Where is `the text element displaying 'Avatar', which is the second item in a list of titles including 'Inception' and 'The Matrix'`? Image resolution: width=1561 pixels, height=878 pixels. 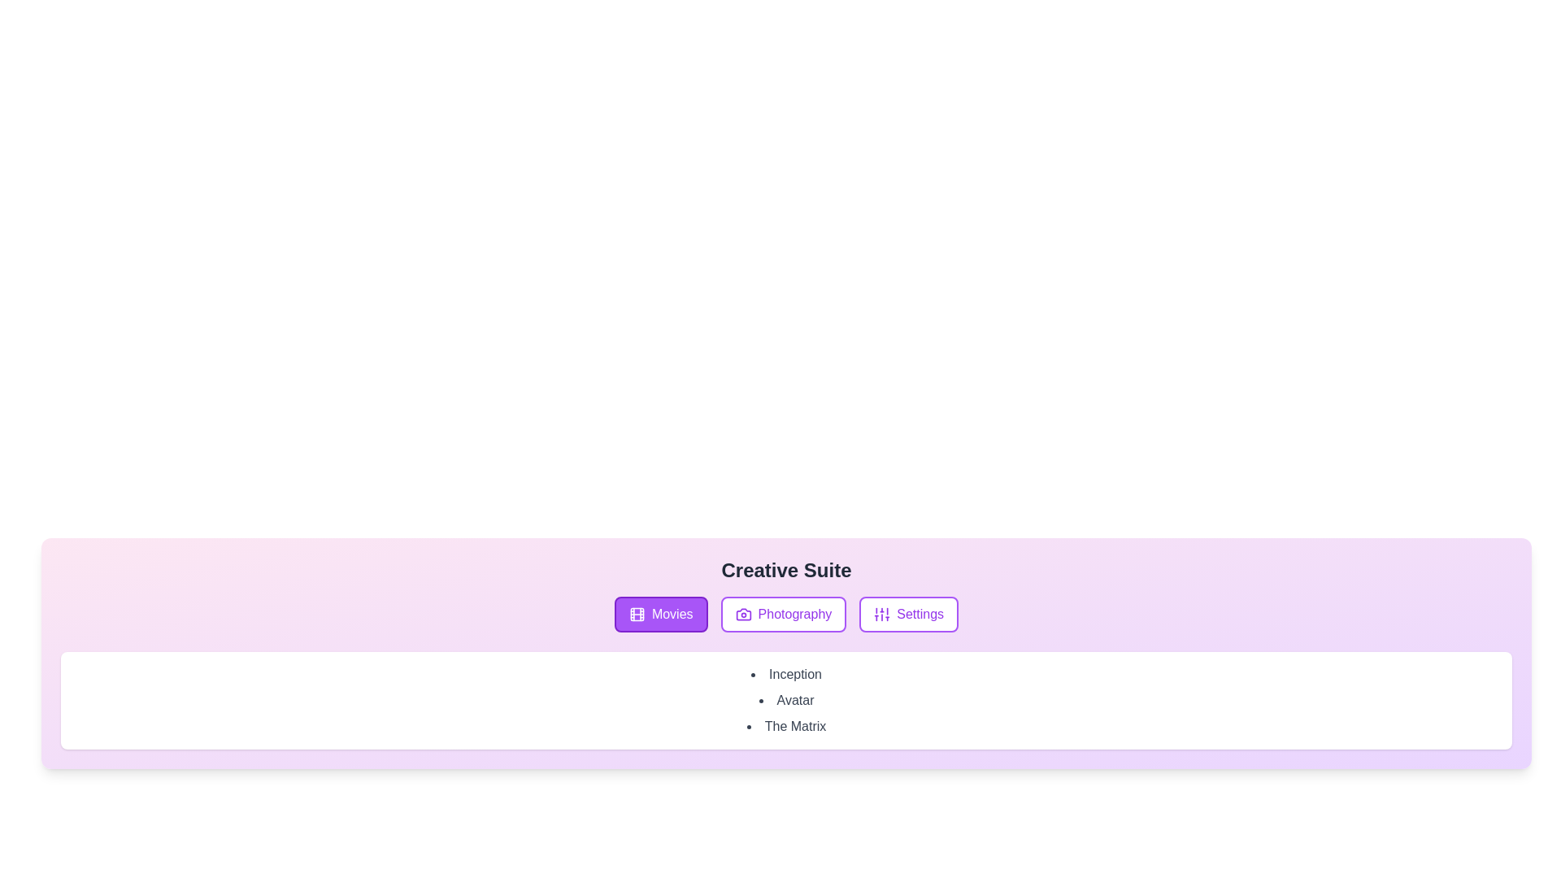
the text element displaying 'Avatar', which is the second item in a list of titles including 'Inception' and 'The Matrix' is located at coordinates (786, 699).